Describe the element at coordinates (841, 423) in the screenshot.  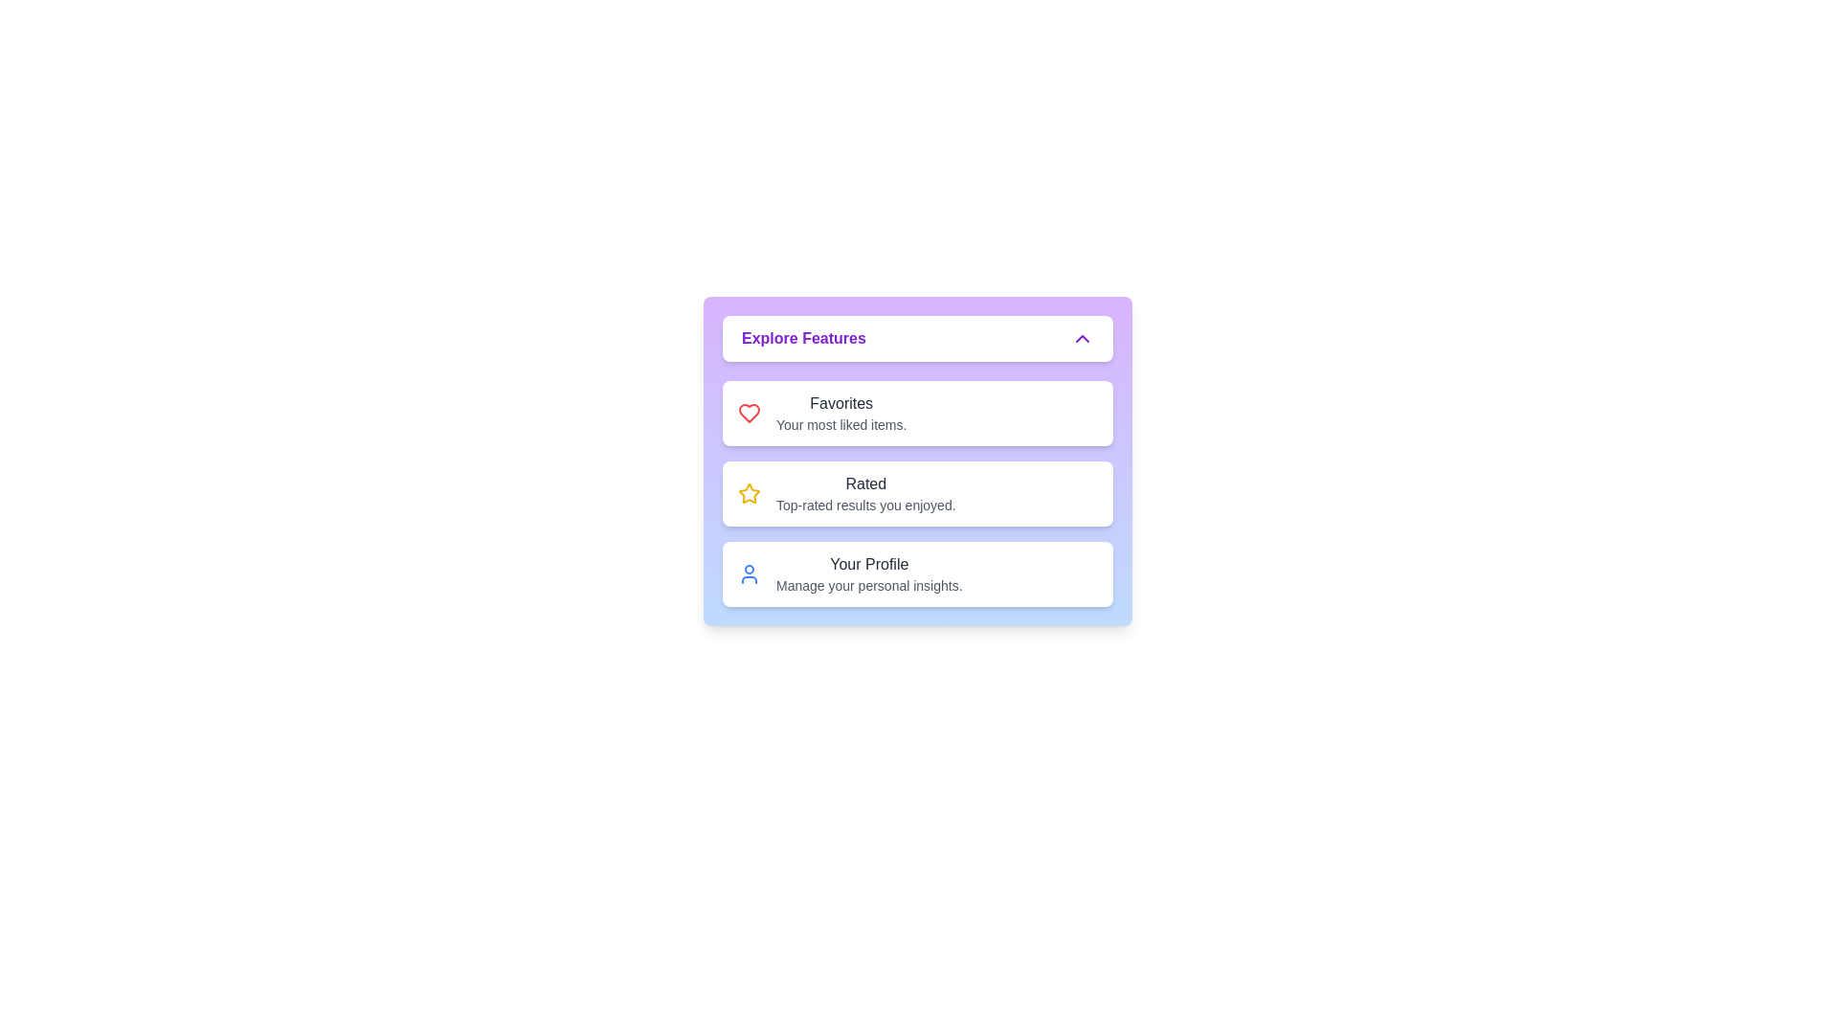
I see `the descriptive text element located directly below the 'Favorites' title in the feature menu list` at that location.